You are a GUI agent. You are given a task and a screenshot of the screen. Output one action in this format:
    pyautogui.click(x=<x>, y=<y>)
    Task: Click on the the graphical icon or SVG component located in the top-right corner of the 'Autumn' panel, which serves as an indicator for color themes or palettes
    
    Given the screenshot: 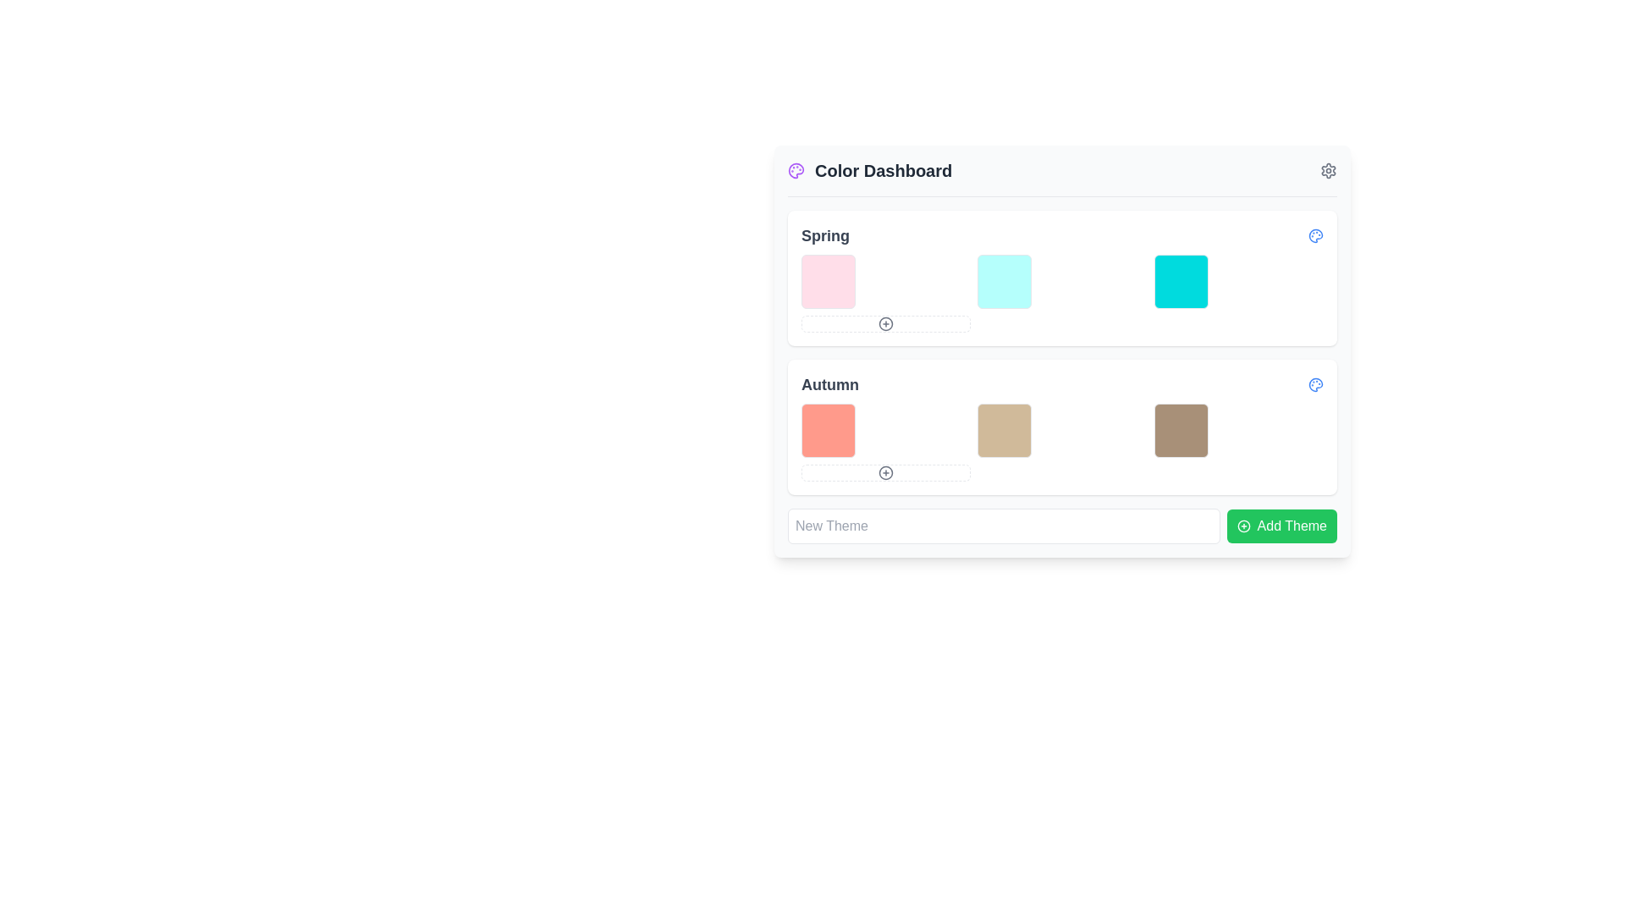 What is the action you would take?
    pyautogui.click(x=1315, y=235)
    